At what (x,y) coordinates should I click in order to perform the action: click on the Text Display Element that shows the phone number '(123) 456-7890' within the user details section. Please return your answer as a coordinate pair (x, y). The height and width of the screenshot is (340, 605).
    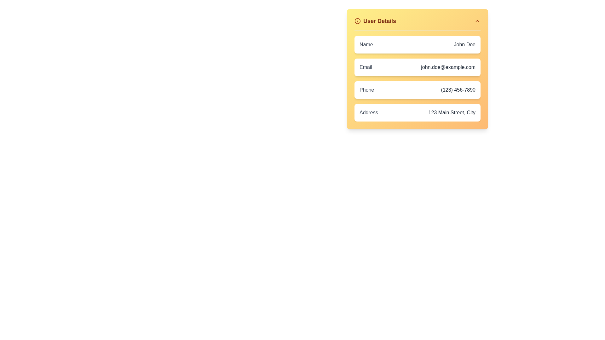
    Looking at the image, I should click on (458, 90).